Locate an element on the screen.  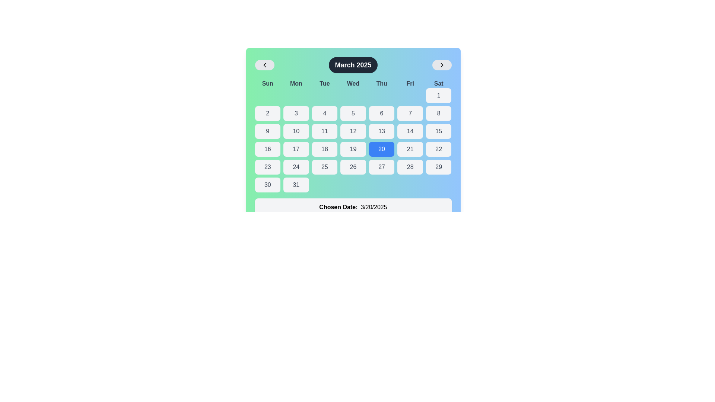
the button representing the date '9' in the calendar interface is located at coordinates (267, 131).